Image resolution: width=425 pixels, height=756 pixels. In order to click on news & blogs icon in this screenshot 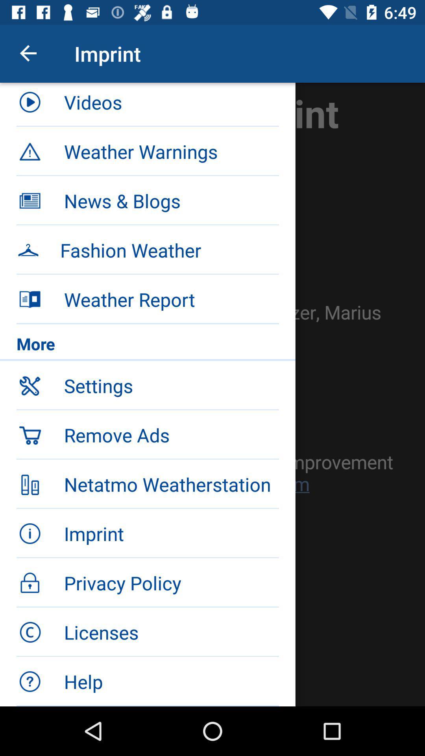, I will do `click(171, 200)`.